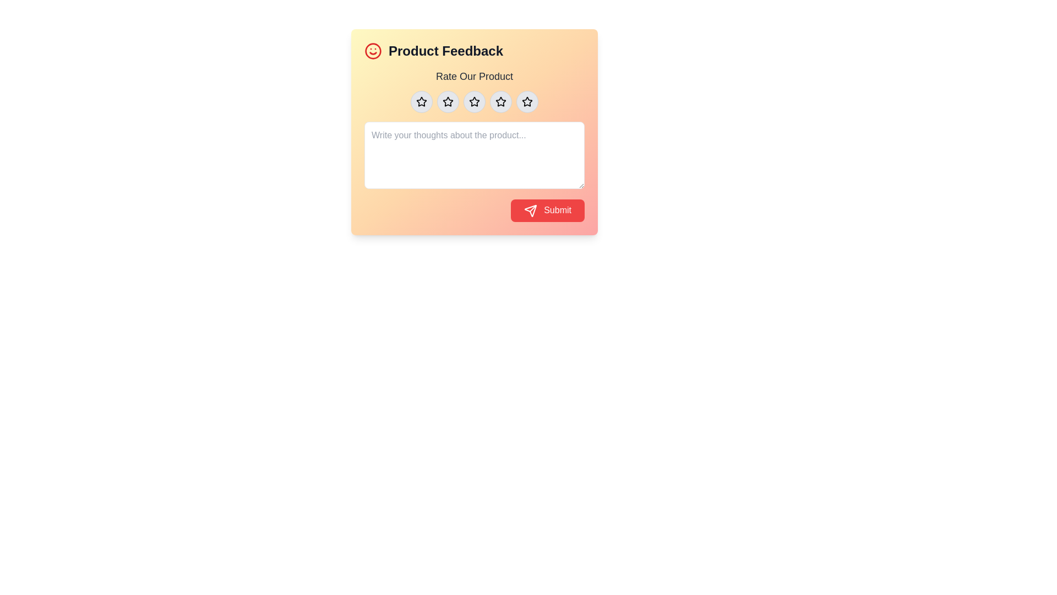  I want to click on the decorative icon located in the top-left portion of the 'Product Feedback' section, to the left of the 'Product Feedback' label, so click(373, 51).